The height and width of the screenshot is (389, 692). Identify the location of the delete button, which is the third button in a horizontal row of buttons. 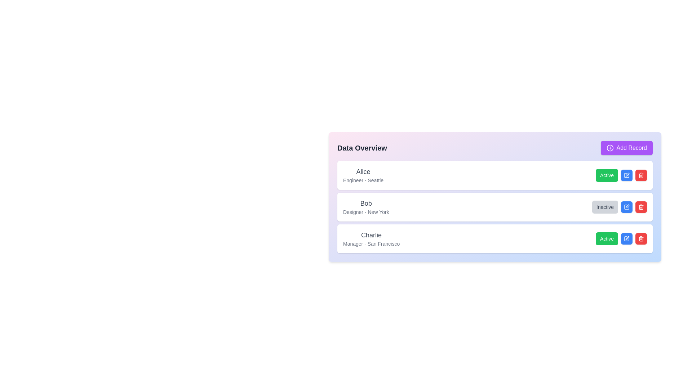
(641, 175).